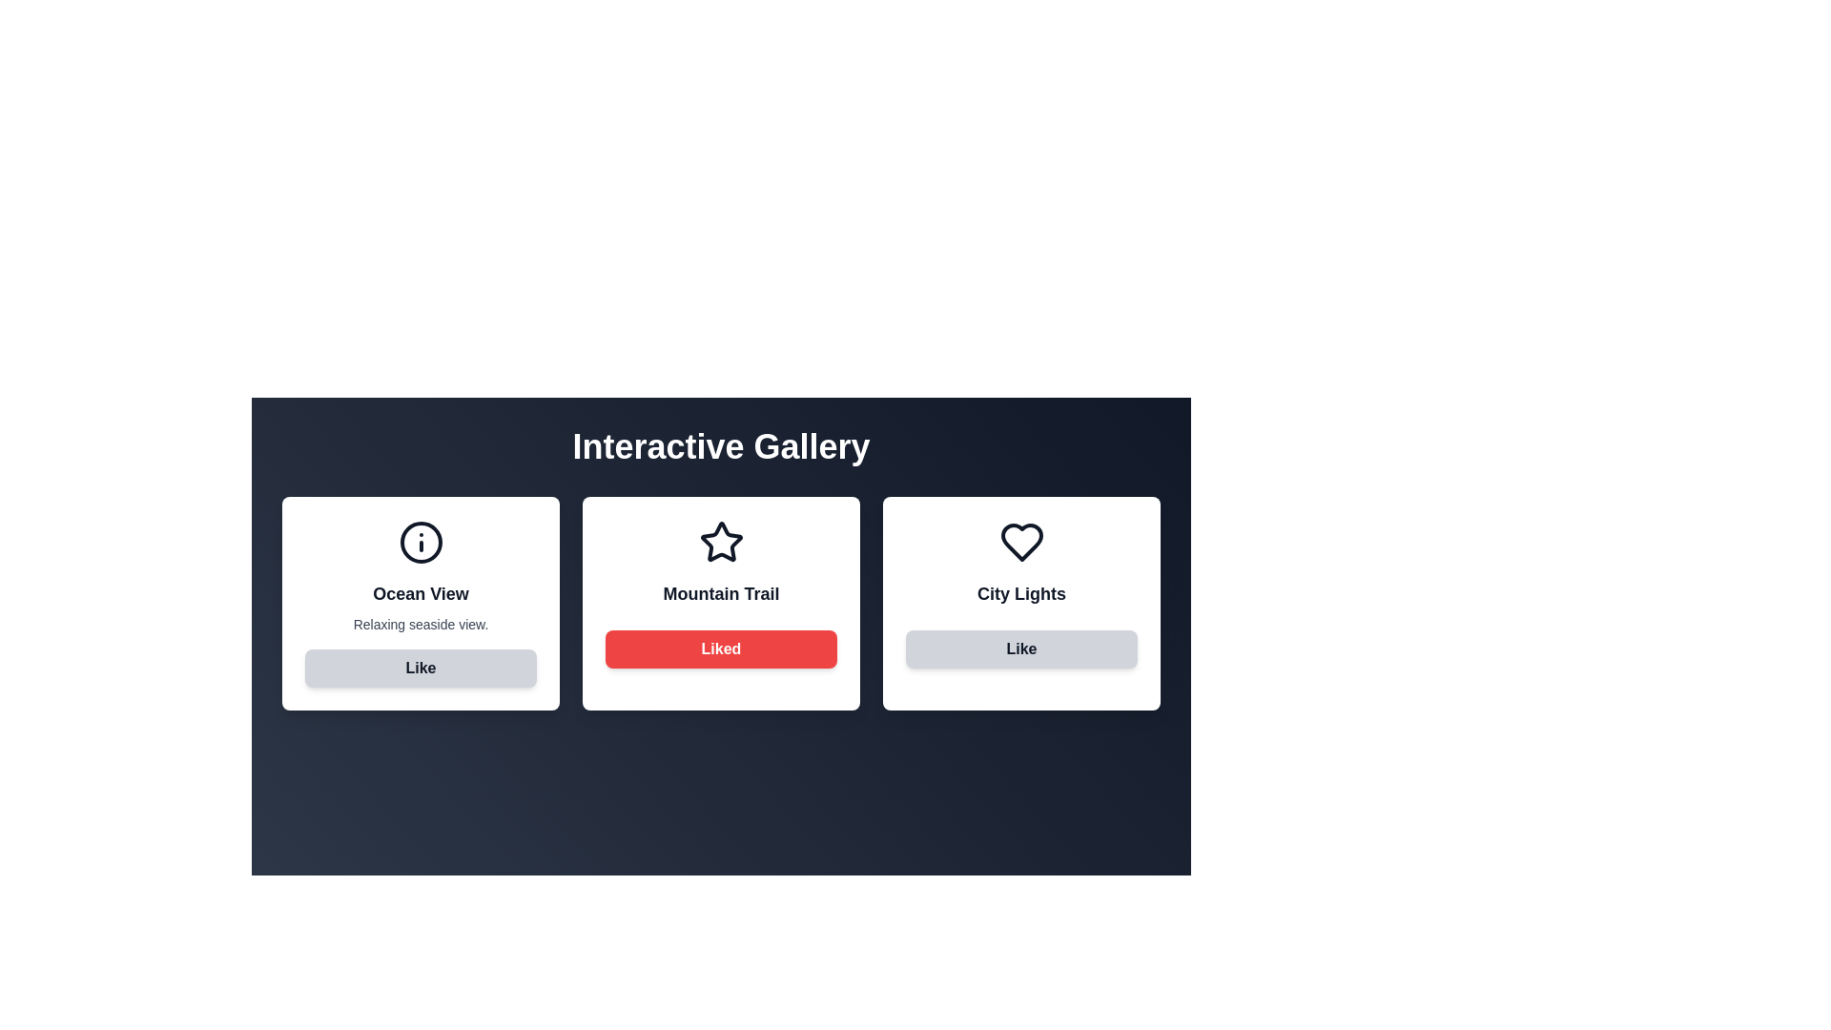  Describe the element at coordinates (720, 603) in the screenshot. I see `the 'Mountain Trail' clickable card, which is the second card in a grid layout, displaying information and a 'Liked' button` at that location.